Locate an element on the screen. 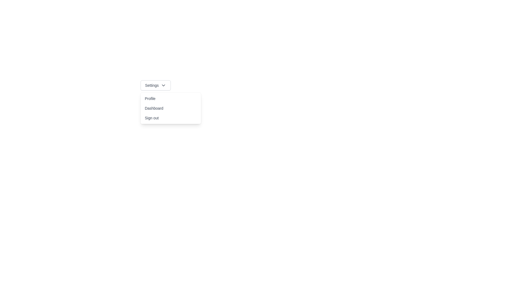 The width and height of the screenshot is (518, 291). the 'Dashboard' option in the dropdown menu is located at coordinates (170, 108).